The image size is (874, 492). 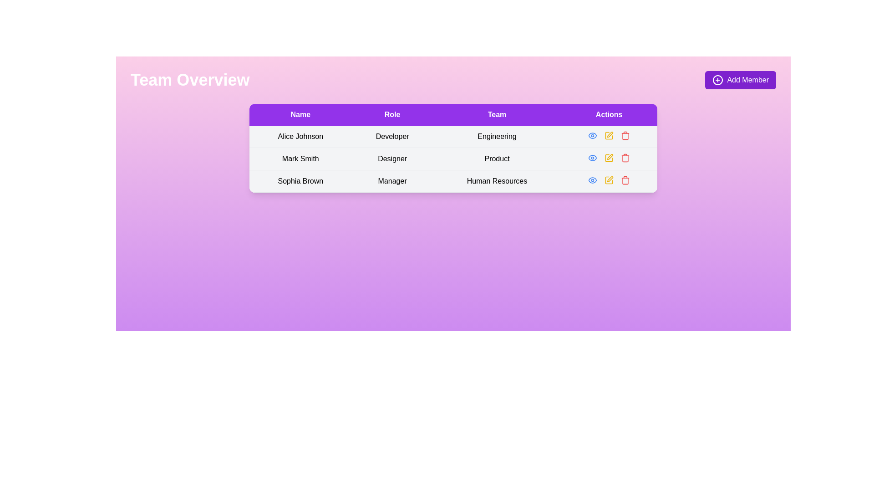 I want to click on the static text element displaying the user's name in the second row of the table under the Name column, located to the left of the 'Designer' element and above 'Sophia Brown', so click(x=300, y=158).